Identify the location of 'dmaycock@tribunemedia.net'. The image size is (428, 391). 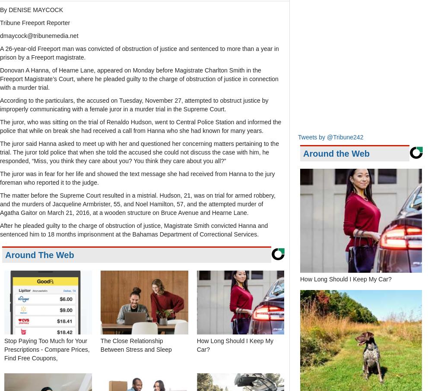
(39, 35).